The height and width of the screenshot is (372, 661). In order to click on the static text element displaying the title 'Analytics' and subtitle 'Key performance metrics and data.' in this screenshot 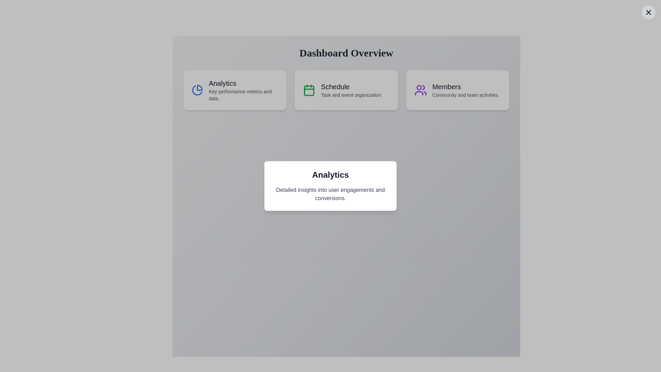, I will do `click(243, 90)`.